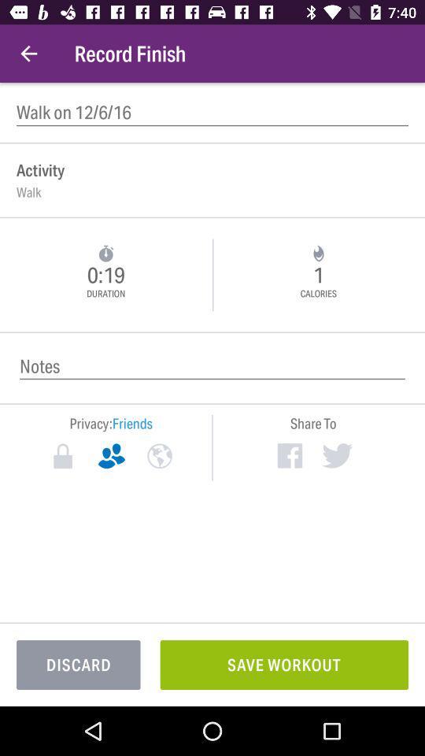  I want to click on hide all personal information, so click(62, 456).